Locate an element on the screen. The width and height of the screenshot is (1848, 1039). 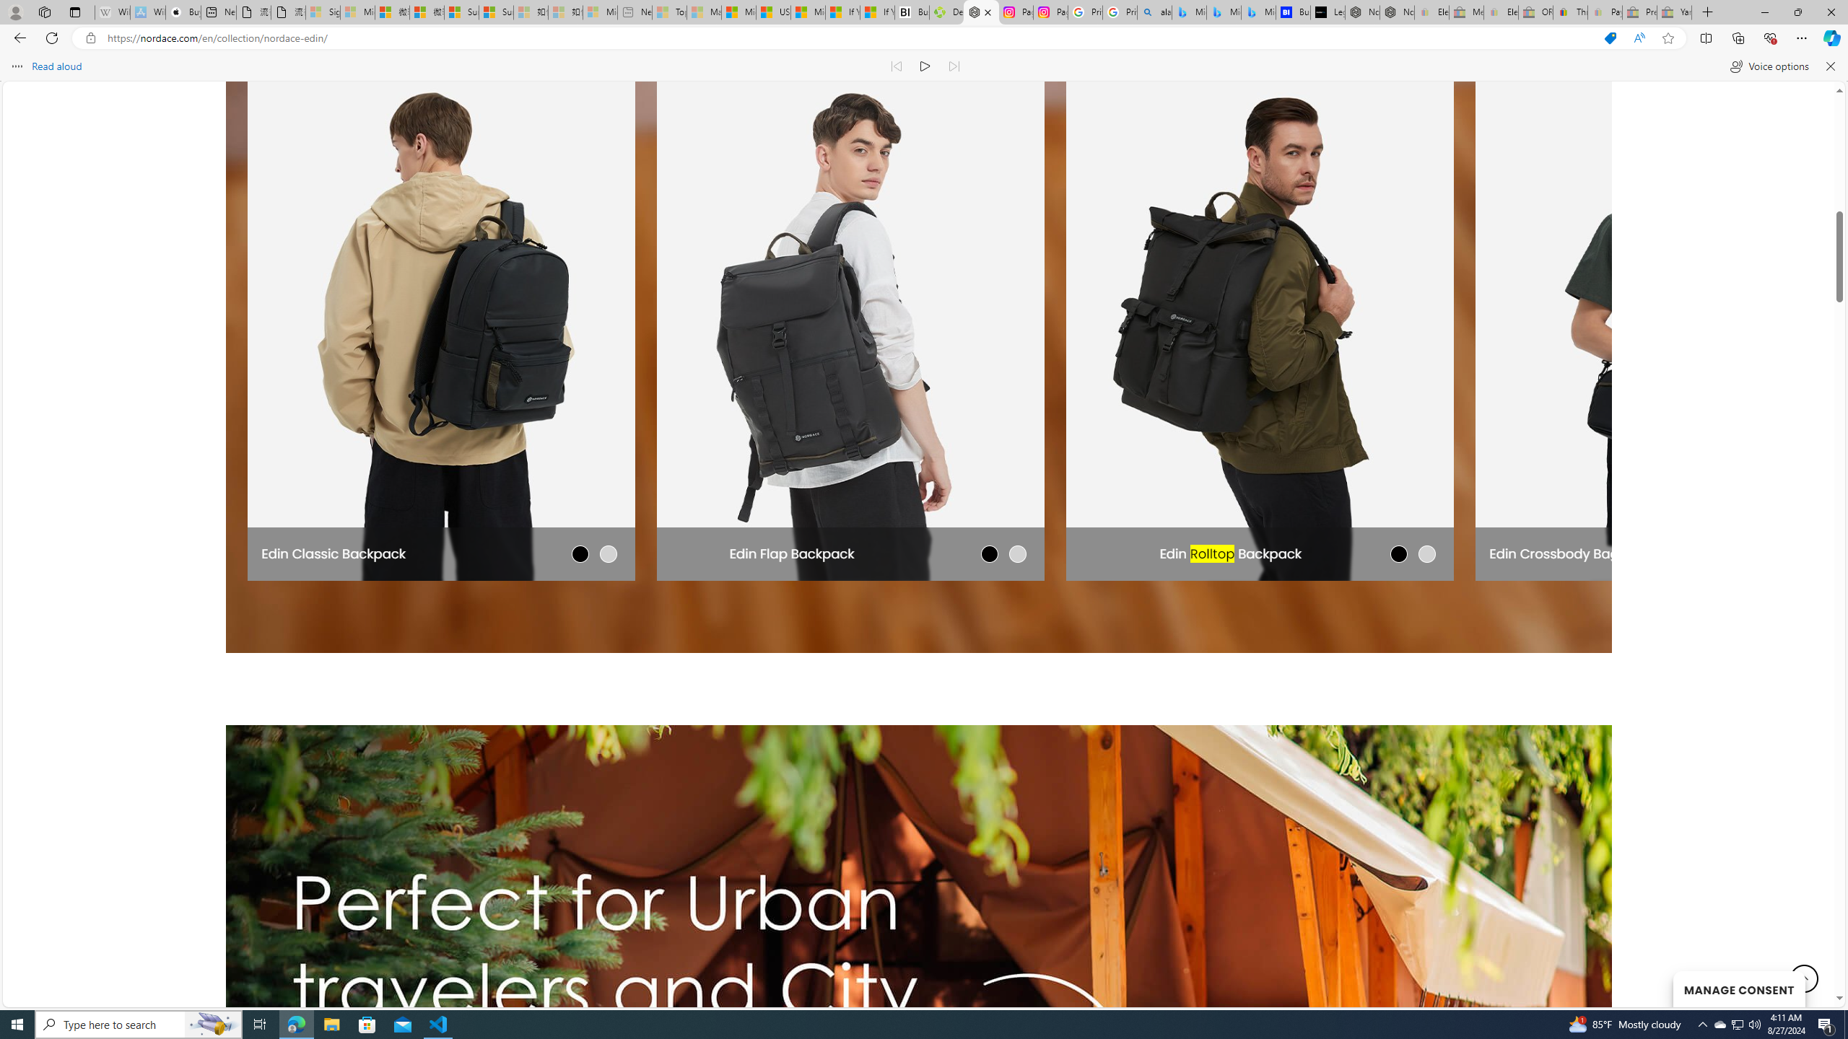
'Microsoft Services Agreement - Sleeping' is located at coordinates (357, 12).